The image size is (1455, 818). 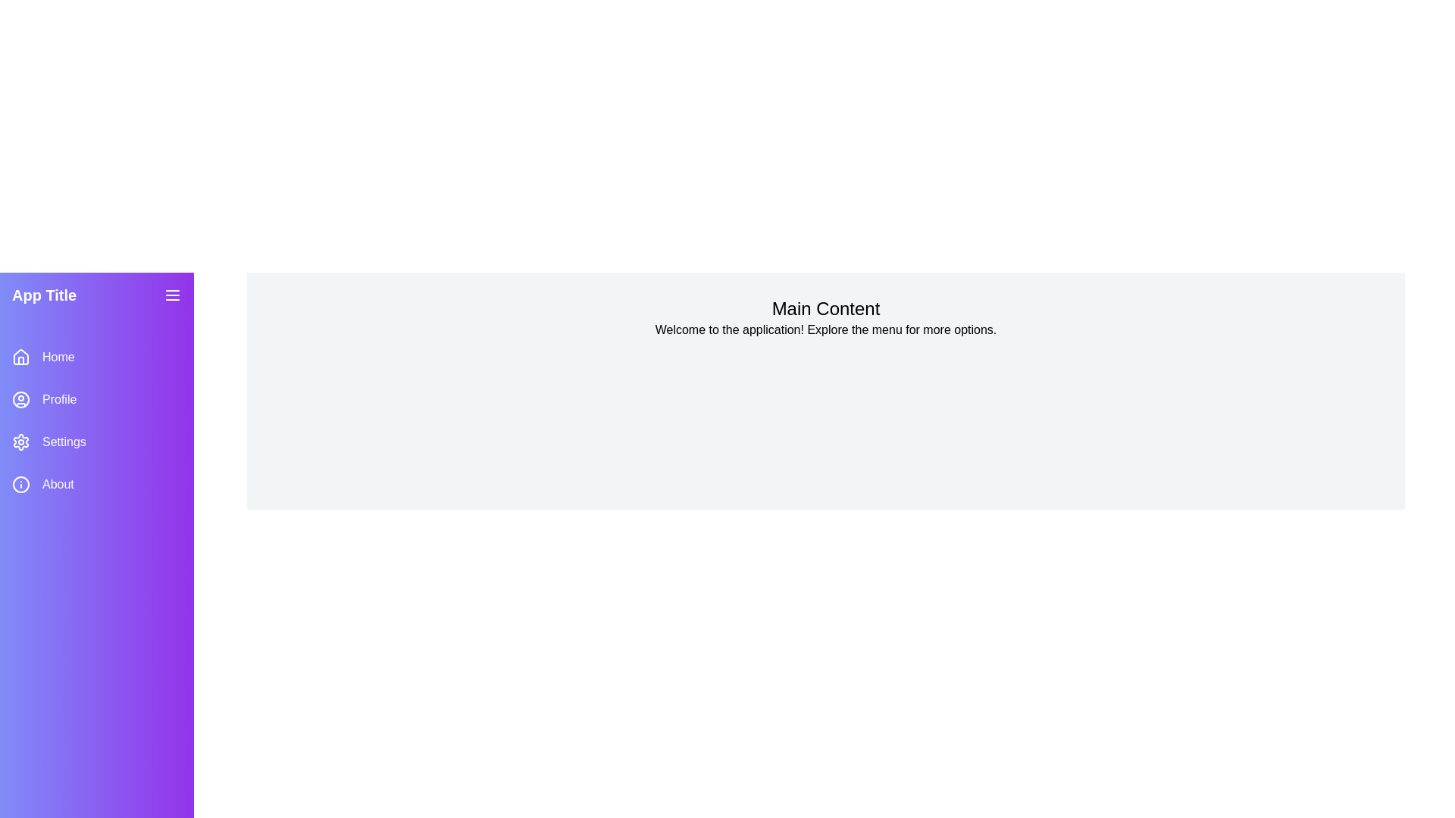 I want to click on the main content text area, so click(x=824, y=329).